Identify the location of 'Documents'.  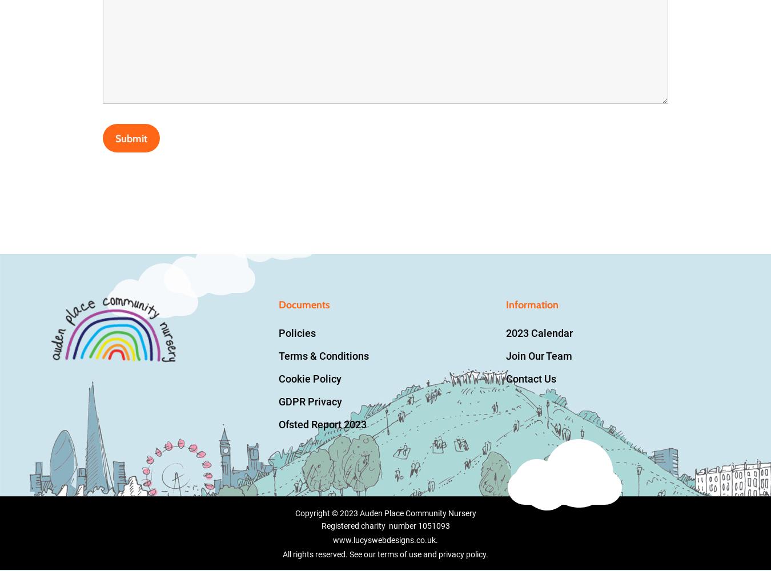
(303, 305).